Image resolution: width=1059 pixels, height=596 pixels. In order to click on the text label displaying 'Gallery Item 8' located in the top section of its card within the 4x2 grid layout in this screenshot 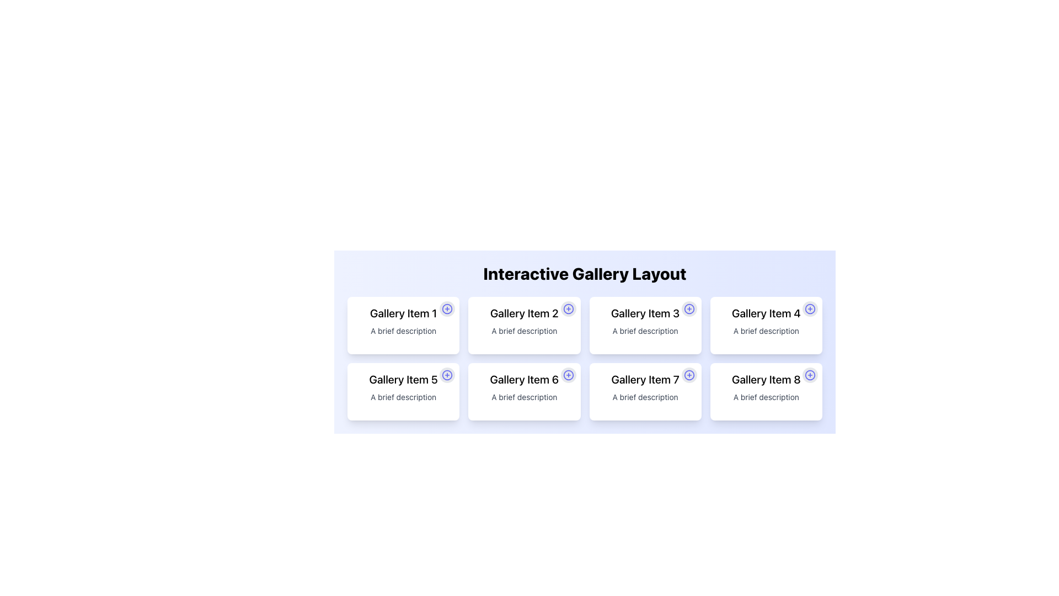, I will do `click(766, 379)`.